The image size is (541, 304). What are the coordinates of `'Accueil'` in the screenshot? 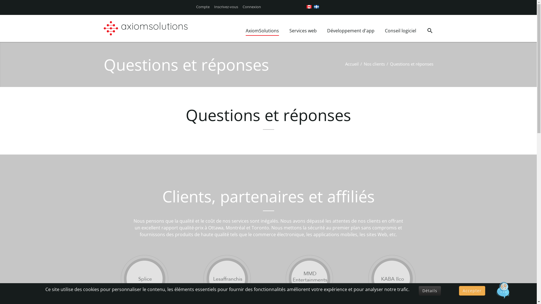 It's located at (351, 64).